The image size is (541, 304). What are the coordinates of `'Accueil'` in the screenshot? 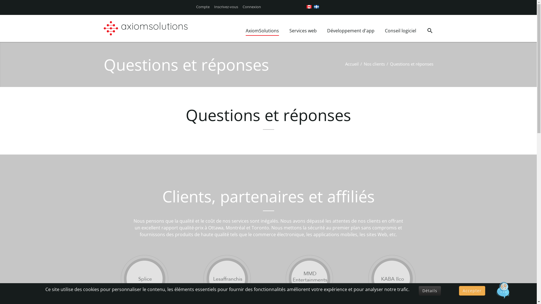 It's located at (351, 64).